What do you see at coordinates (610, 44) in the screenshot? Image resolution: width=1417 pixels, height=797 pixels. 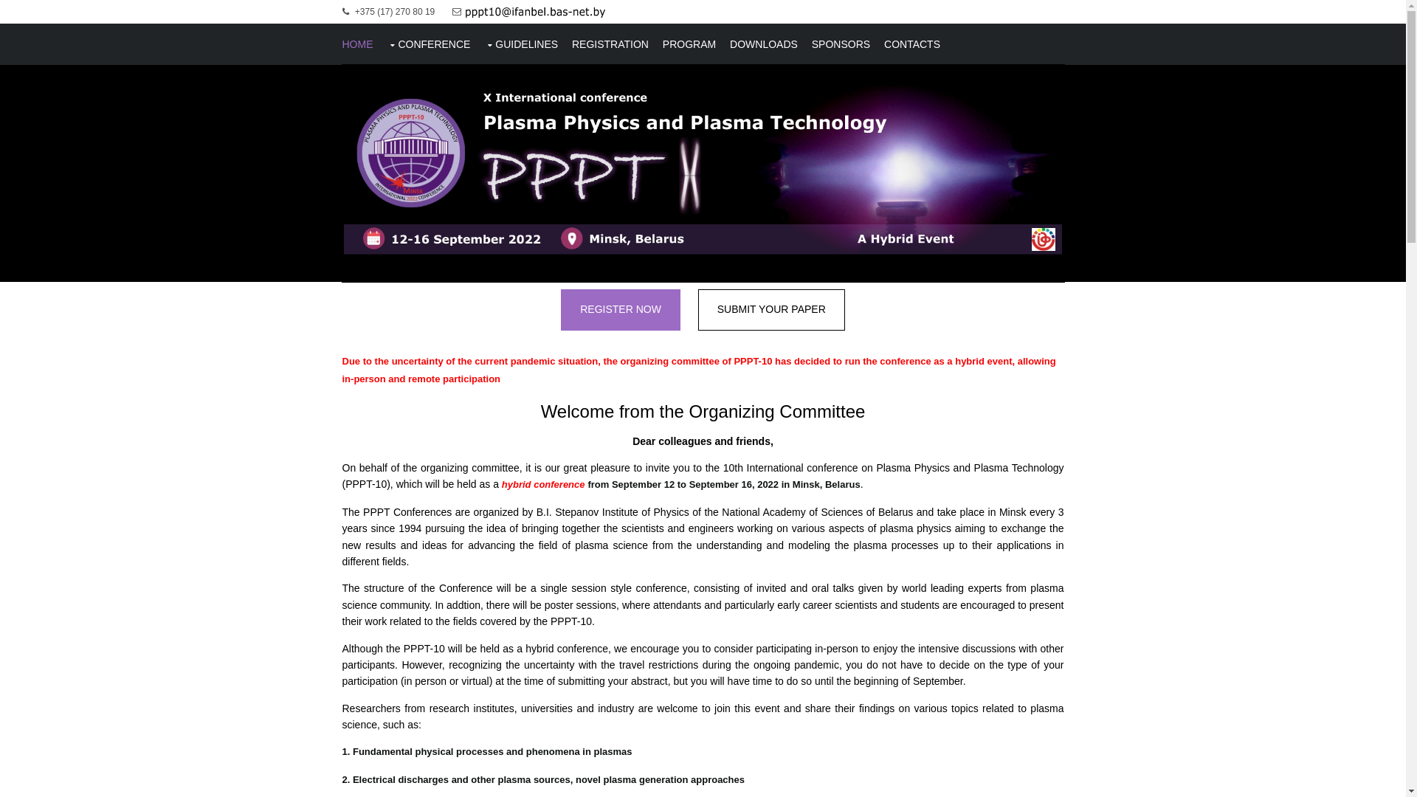 I see `'REGISTRATION'` at bounding box center [610, 44].